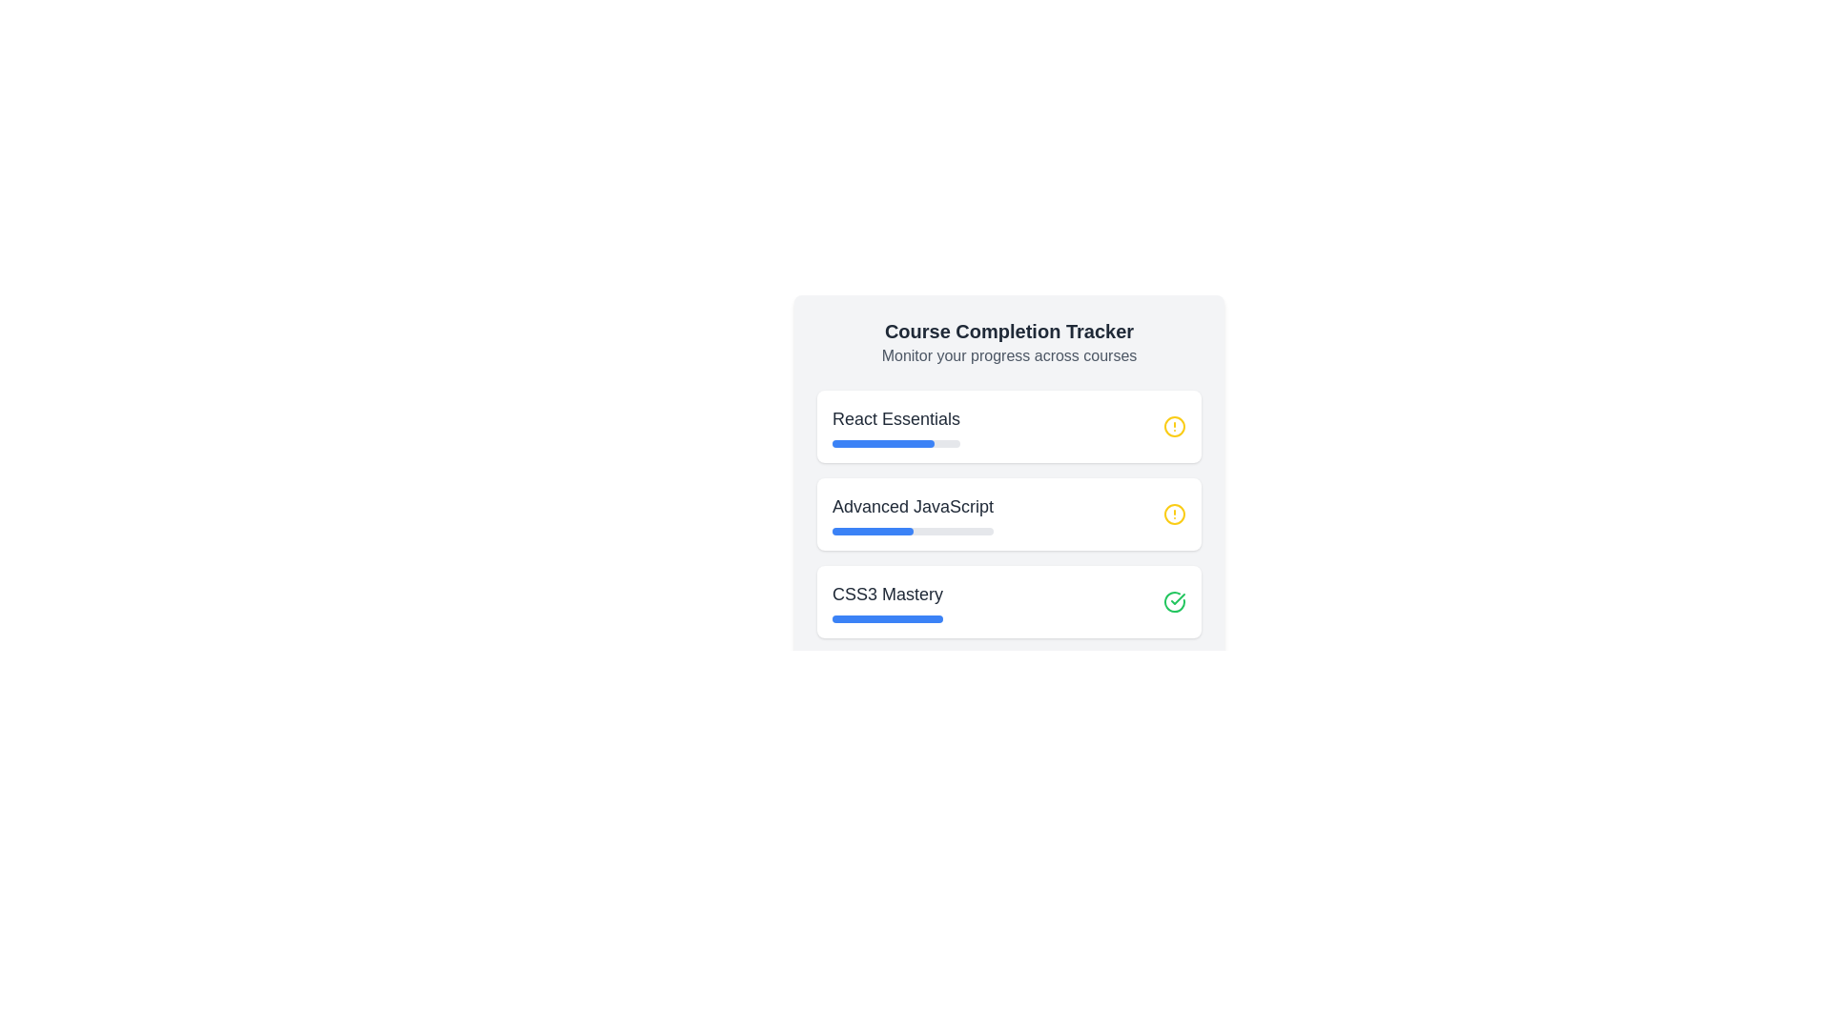 The height and width of the screenshot is (1029, 1831). What do you see at coordinates (895, 417) in the screenshot?
I see `the text label representing the title of the first course in the completion tracker interface, which is positioned above the progress bar and icon in the topmost row of the course list` at bounding box center [895, 417].